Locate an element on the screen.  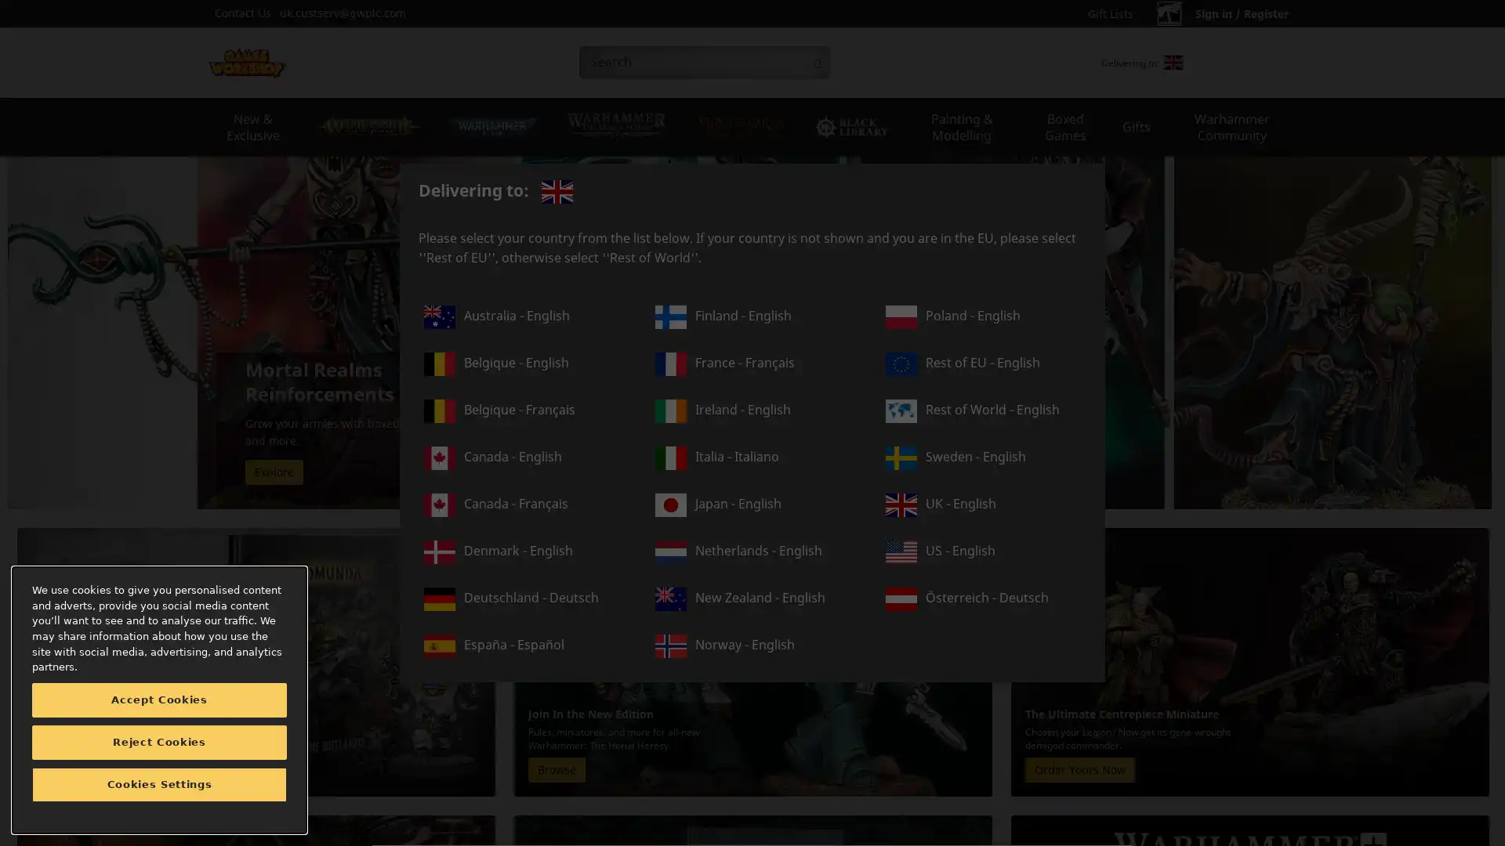
Cookies Settings is located at coordinates (159, 785).